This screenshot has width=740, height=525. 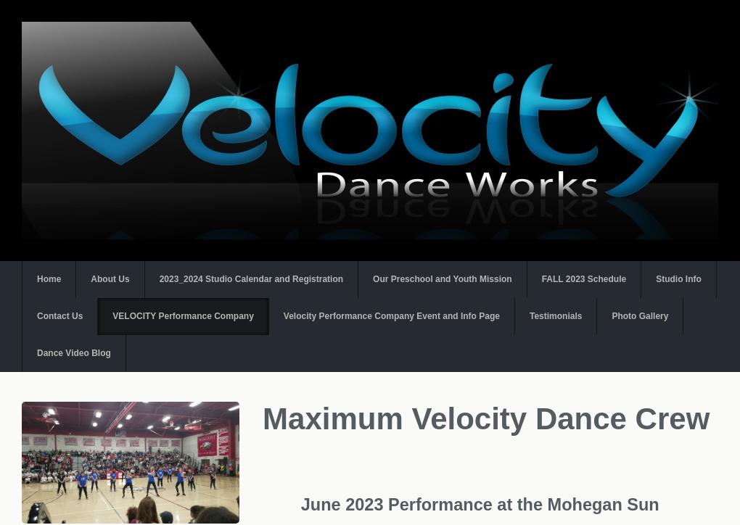 I want to click on 'Home', so click(x=49, y=279).